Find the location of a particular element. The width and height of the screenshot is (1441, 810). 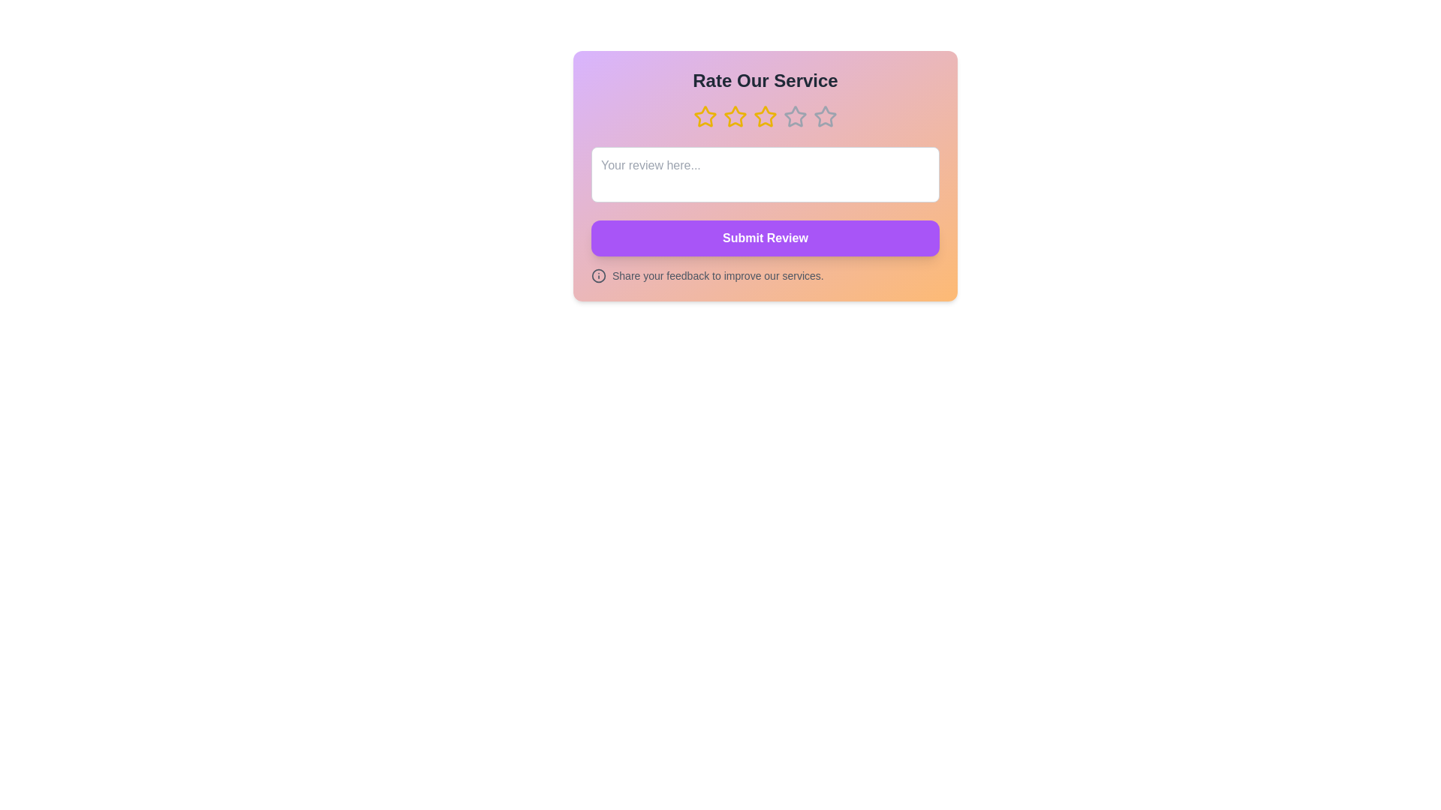

the first yellow star icon is located at coordinates (705, 115).